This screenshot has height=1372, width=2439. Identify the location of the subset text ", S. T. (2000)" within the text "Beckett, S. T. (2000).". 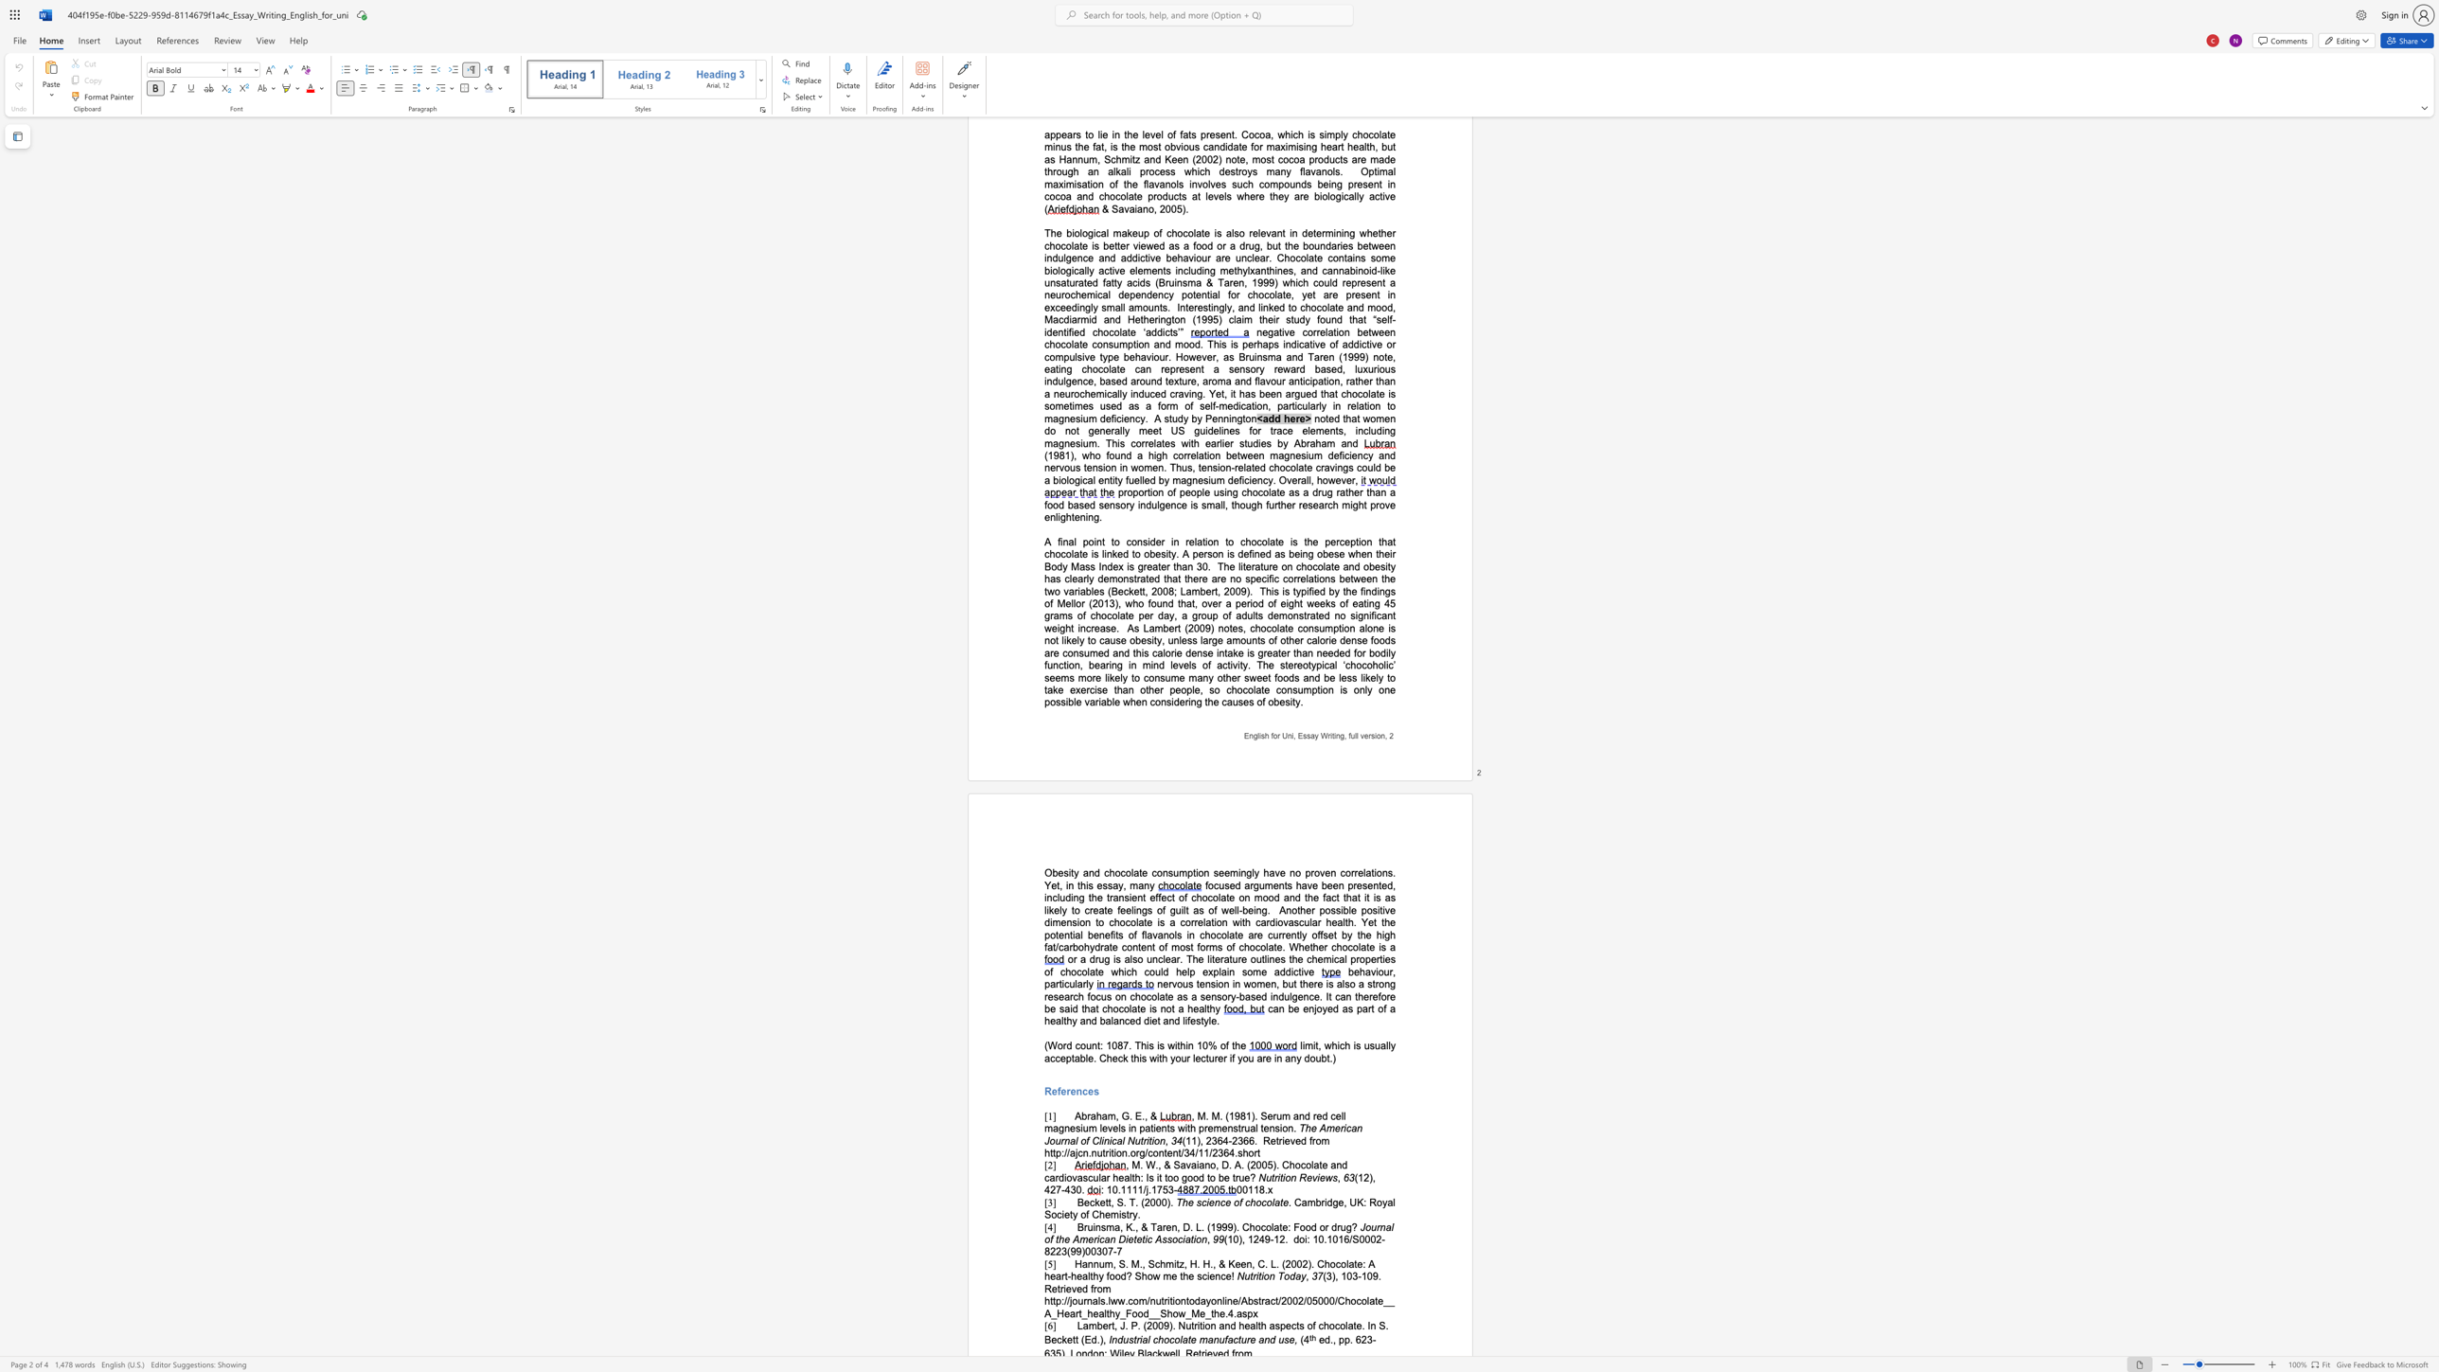
(1110, 1202).